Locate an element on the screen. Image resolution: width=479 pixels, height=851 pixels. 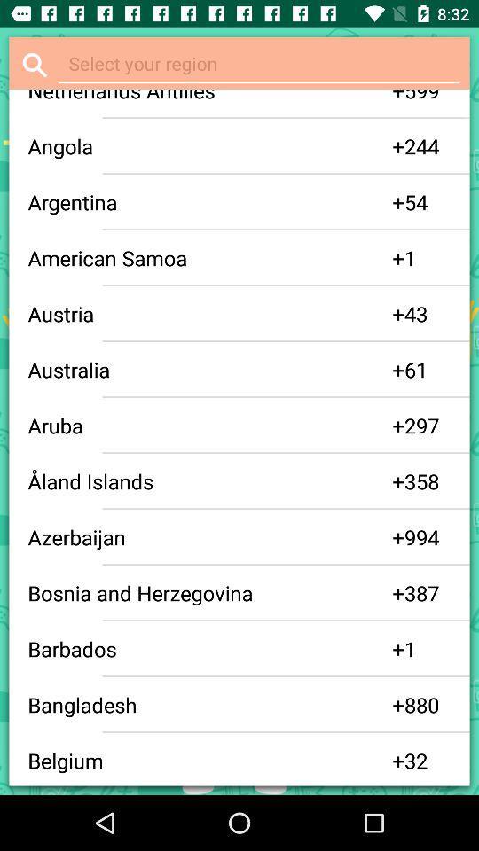
the icon next to the 599 is located at coordinates (398, 97).